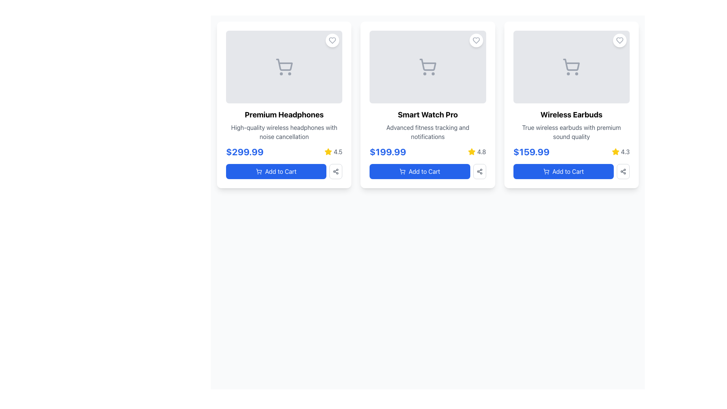  Describe the element at coordinates (563, 171) in the screenshot. I see `the 'Add to Cart' button with a blue background and white text, which is located at the bottom of the 'Wireless Earbuds' product card` at that location.